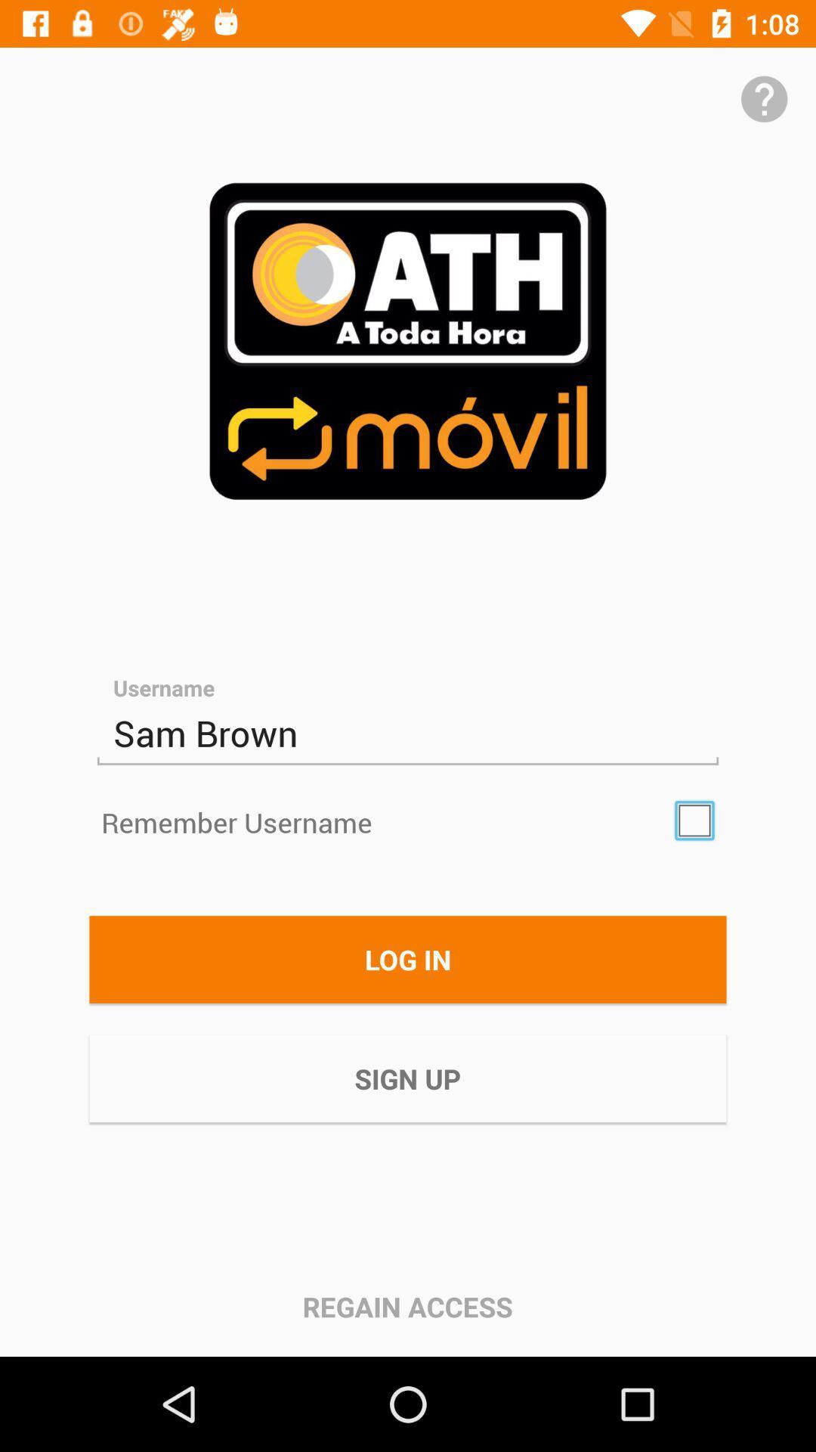  Describe the element at coordinates (406, 1306) in the screenshot. I see `regain access` at that location.